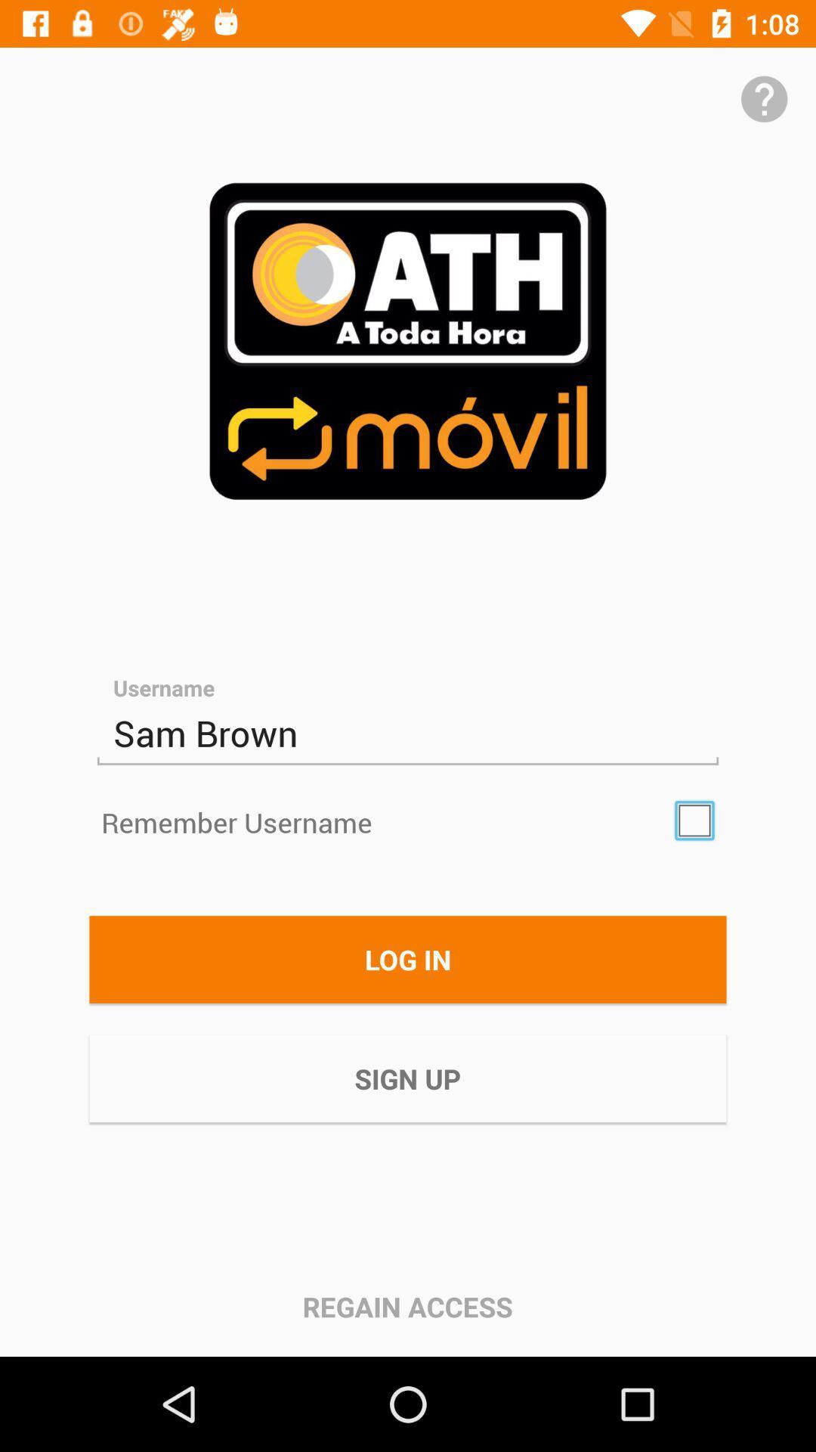  Describe the element at coordinates (406, 1306) in the screenshot. I see `regain access` at that location.